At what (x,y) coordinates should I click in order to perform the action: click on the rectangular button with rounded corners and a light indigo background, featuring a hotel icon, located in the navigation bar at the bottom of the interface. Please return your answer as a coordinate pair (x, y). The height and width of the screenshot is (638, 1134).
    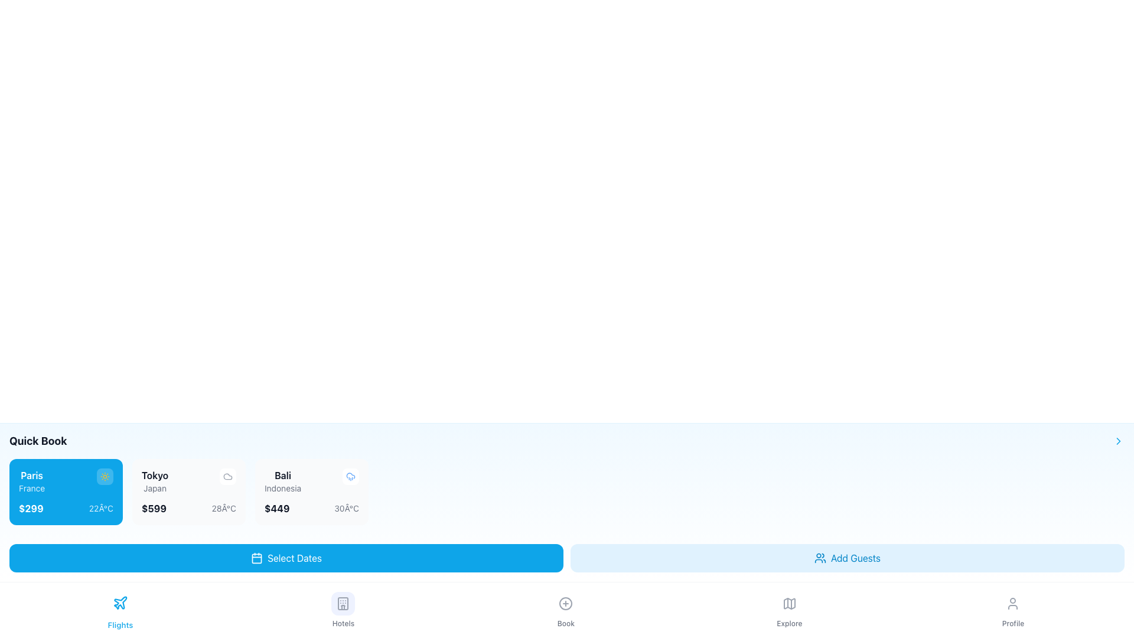
    Looking at the image, I should click on (343, 604).